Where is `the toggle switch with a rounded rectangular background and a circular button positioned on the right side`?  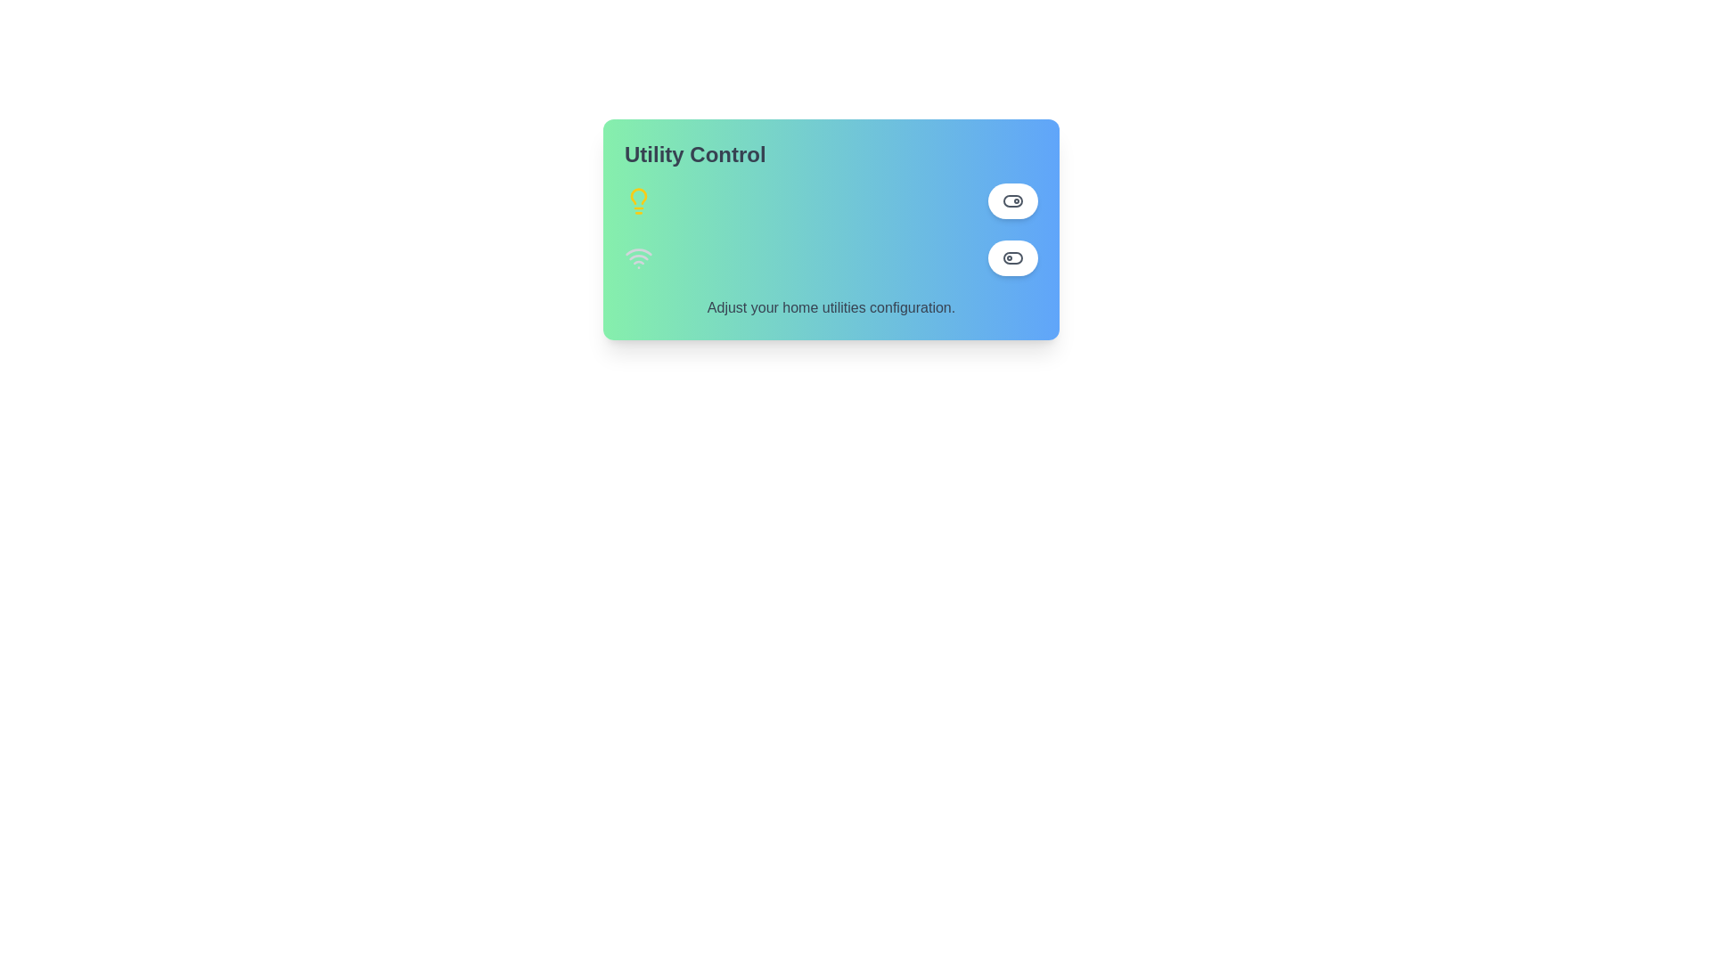
the toggle switch with a rounded rectangular background and a circular button positioned on the right side is located at coordinates (1013, 200).